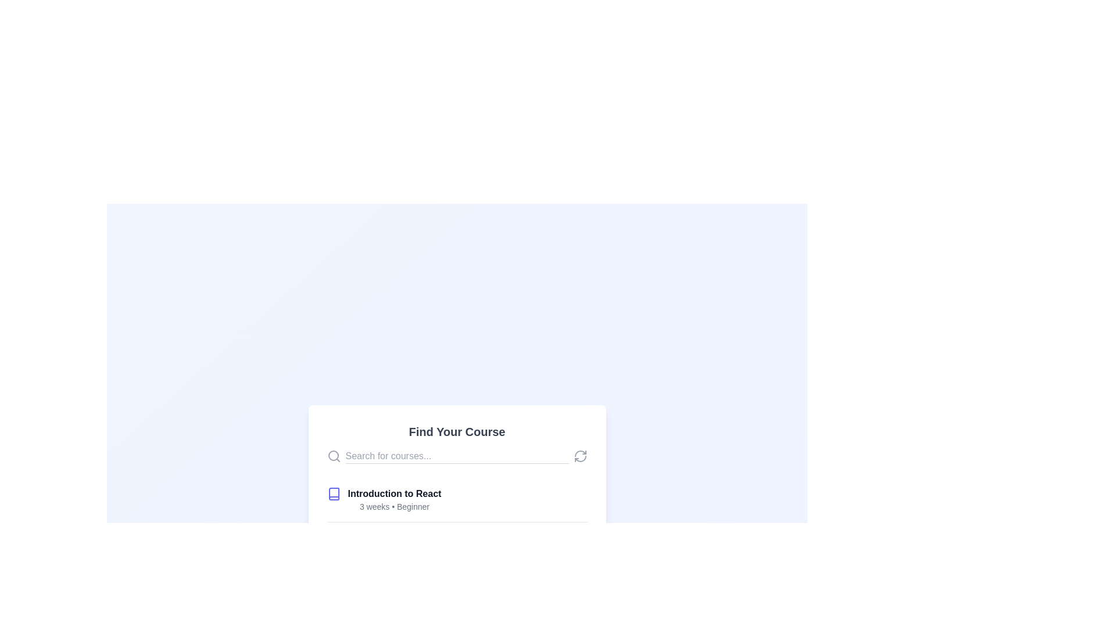  Describe the element at coordinates (394, 506) in the screenshot. I see `the text element displaying '3 weeks • Beginner', which is styled with a small gray font and positioned directly below the 'Introduction to React' header` at that location.